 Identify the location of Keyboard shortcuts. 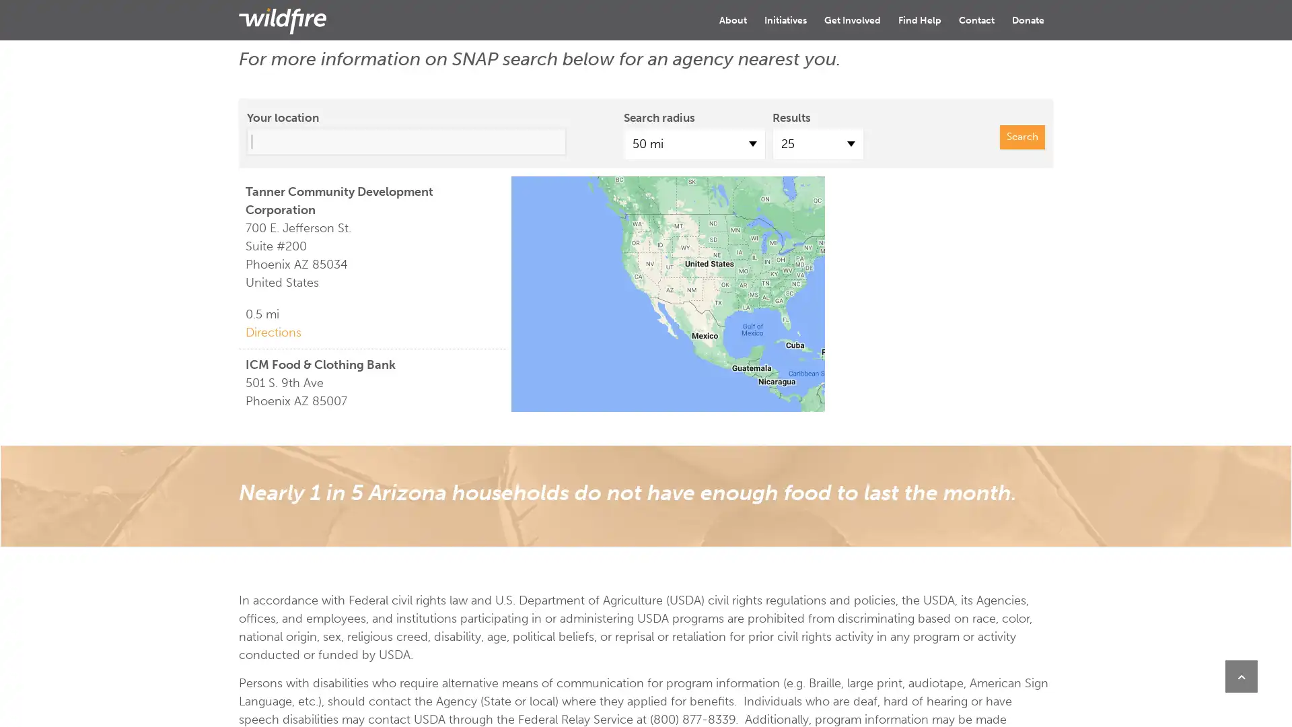
(773, 406).